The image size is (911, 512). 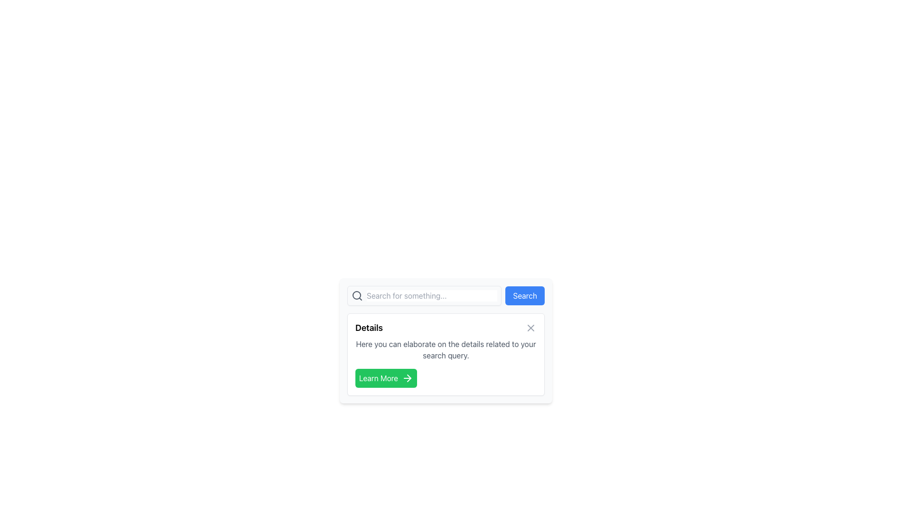 What do you see at coordinates (431, 295) in the screenshot?
I see `the text input field in the search bar component to observe any tooltip` at bounding box center [431, 295].